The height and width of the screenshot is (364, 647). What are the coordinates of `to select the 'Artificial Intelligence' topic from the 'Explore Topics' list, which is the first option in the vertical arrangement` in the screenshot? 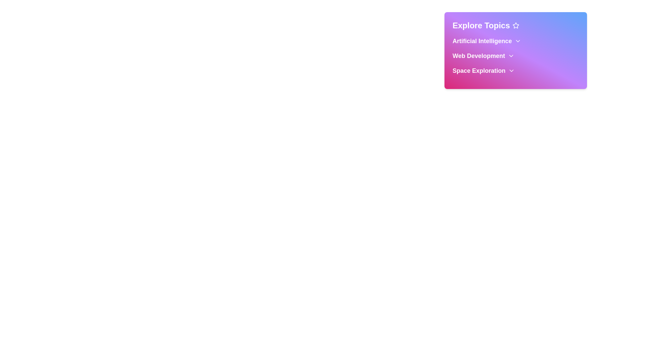 It's located at (482, 41).